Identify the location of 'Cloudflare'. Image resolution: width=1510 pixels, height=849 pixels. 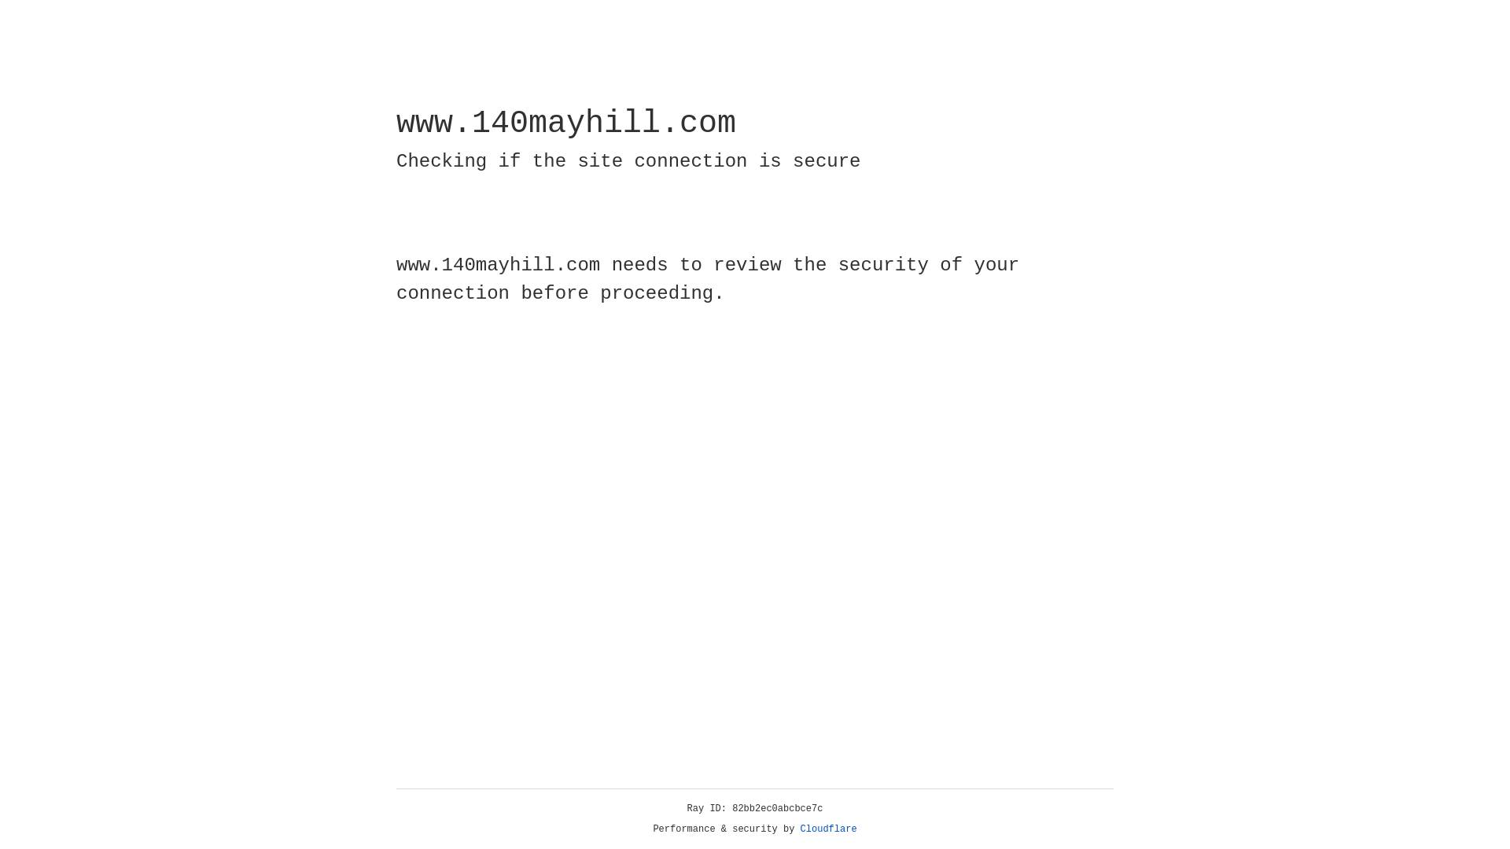
(828, 829).